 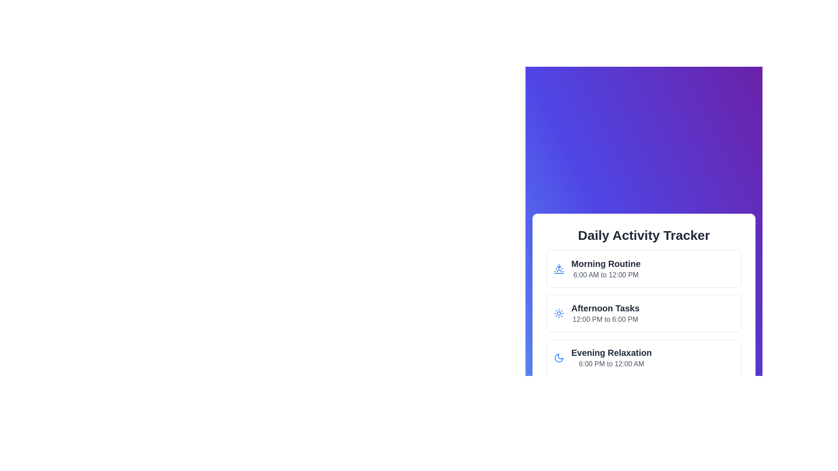 What do you see at coordinates (605, 275) in the screenshot?
I see `static text displaying '6:00 AM to 12:00 PM' which is located beneath the bold header 'Morning Routine' in the Daily Activity Tracker section` at bounding box center [605, 275].